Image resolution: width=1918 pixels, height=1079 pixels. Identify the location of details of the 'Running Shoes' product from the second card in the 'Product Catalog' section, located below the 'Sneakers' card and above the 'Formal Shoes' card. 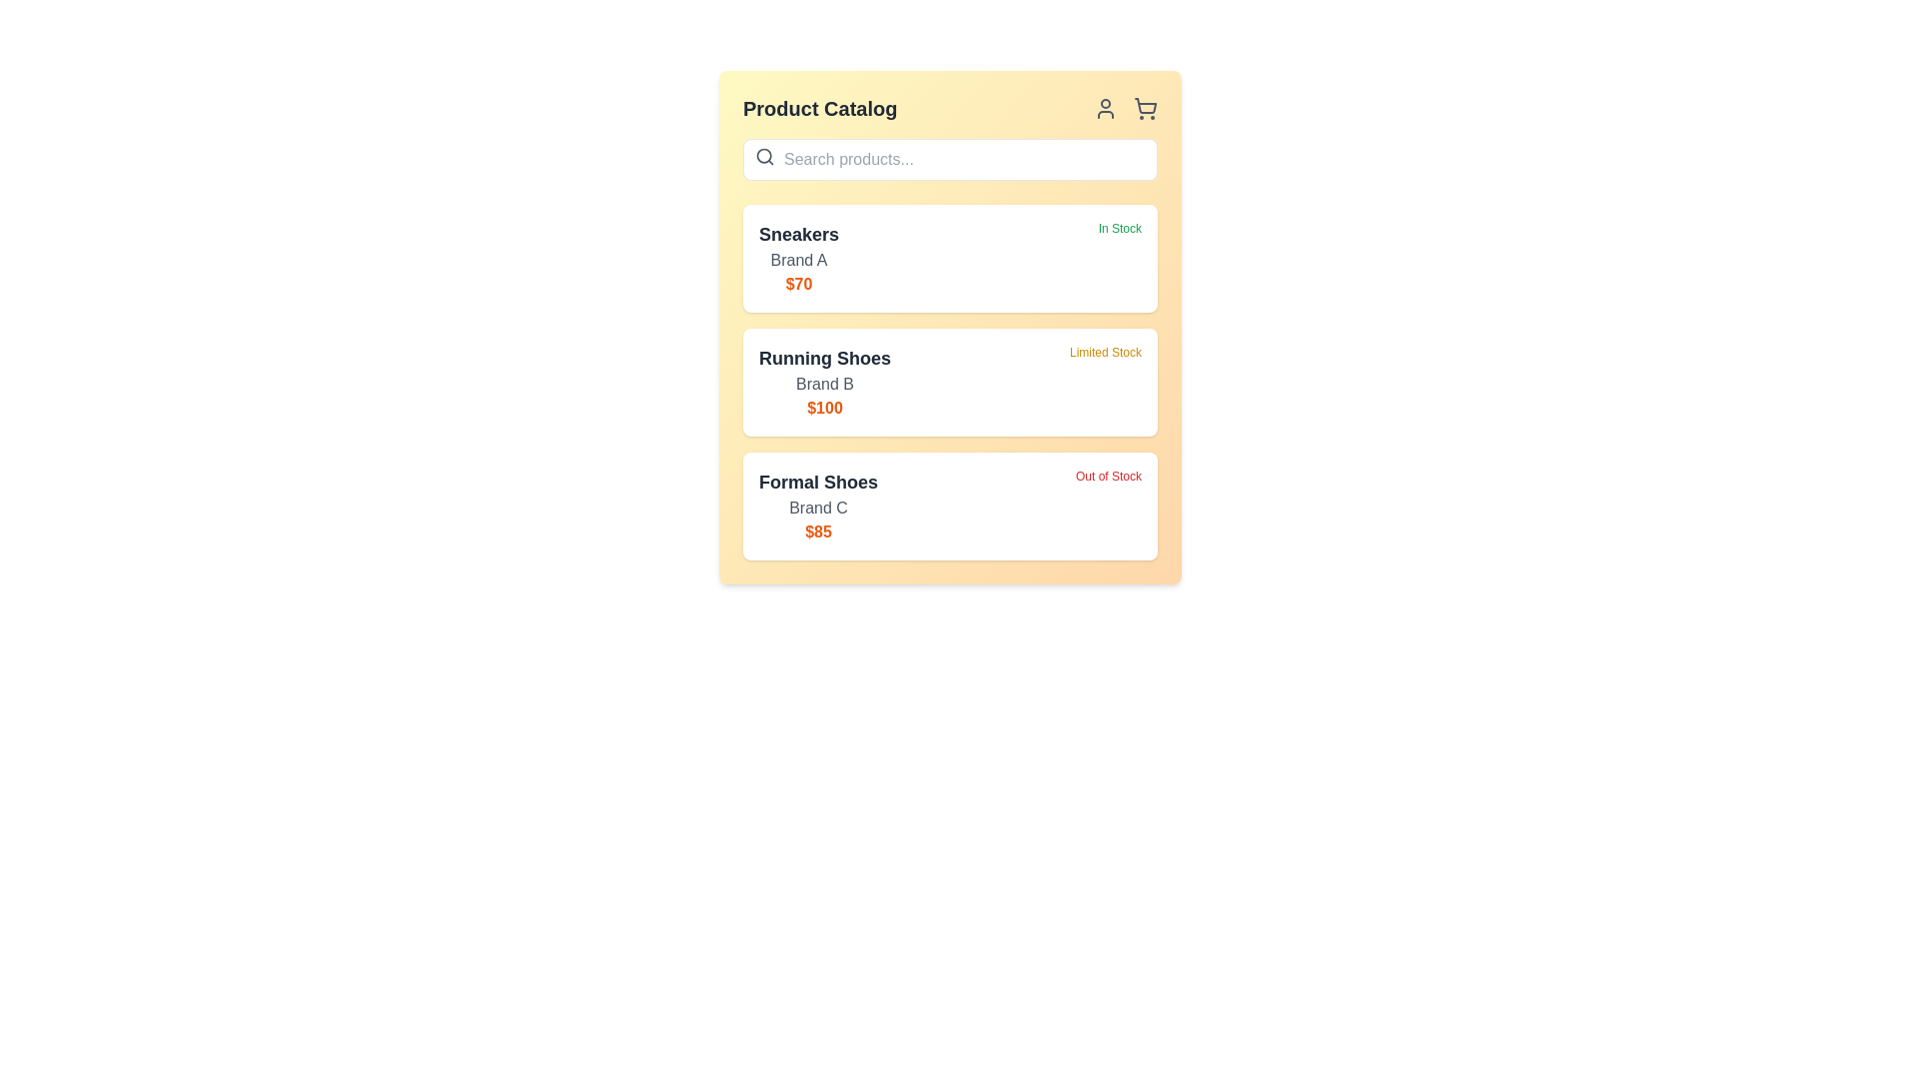
(949, 382).